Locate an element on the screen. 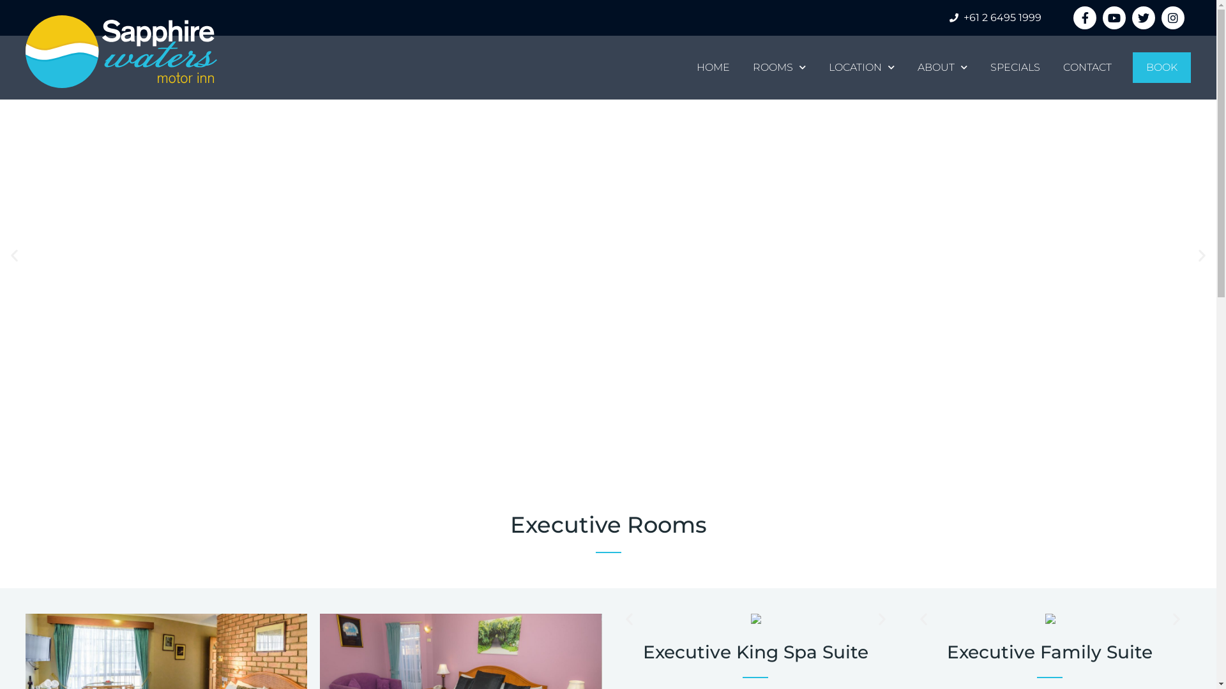 The height and width of the screenshot is (689, 1226). 'HOME' is located at coordinates (713, 67).